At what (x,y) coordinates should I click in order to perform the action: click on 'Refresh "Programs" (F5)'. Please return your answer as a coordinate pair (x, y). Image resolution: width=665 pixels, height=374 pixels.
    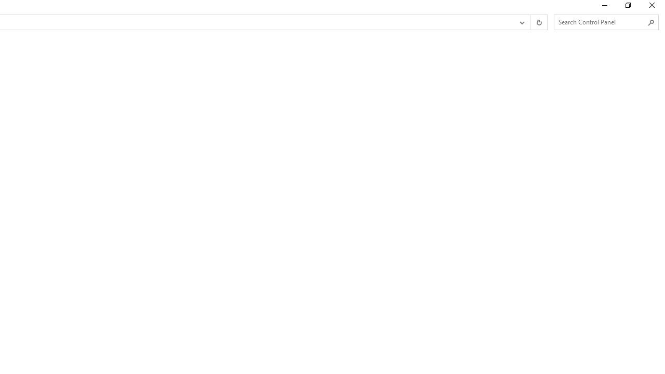
    Looking at the image, I should click on (538, 22).